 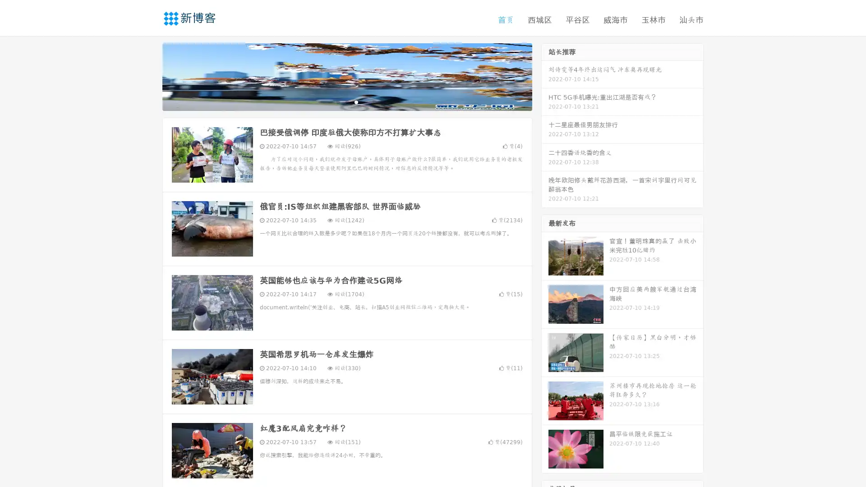 I want to click on Go to slide 2, so click(x=346, y=101).